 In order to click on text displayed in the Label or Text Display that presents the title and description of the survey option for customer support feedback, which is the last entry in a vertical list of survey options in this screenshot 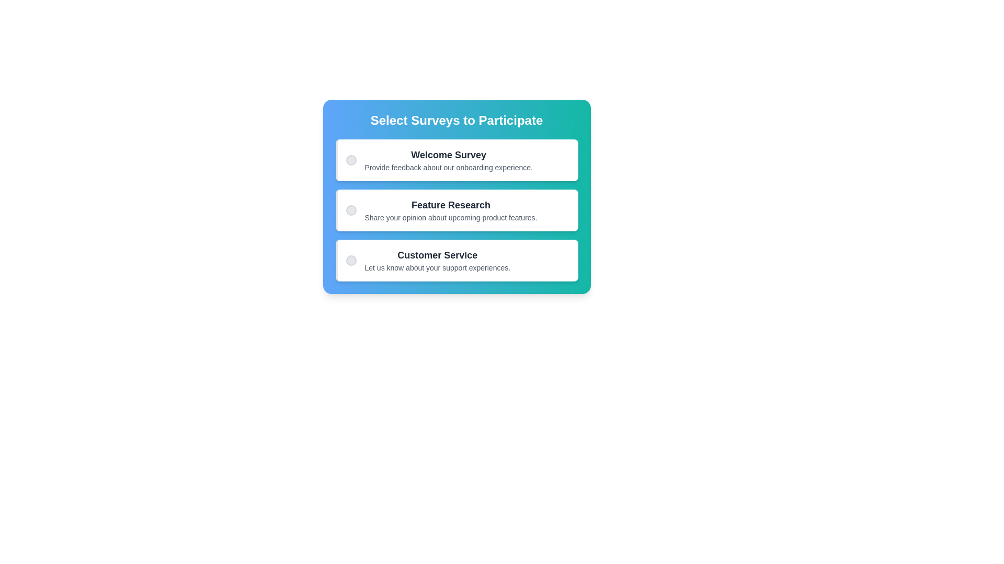, I will do `click(437, 260)`.